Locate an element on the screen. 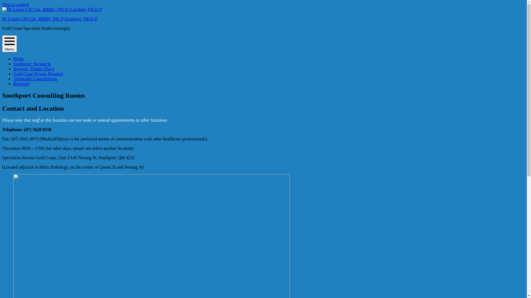 The height and width of the screenshot is (298, 531). 'Menu' is located at coordinates (2, 43).